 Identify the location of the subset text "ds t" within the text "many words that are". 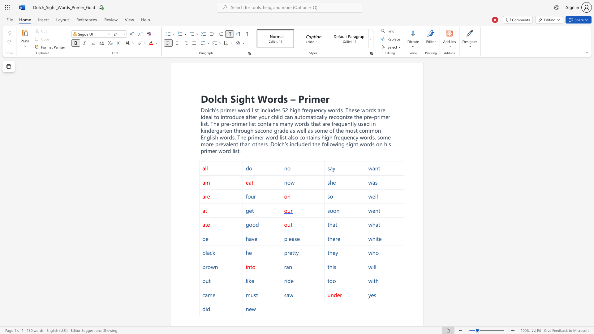
(304, 124).